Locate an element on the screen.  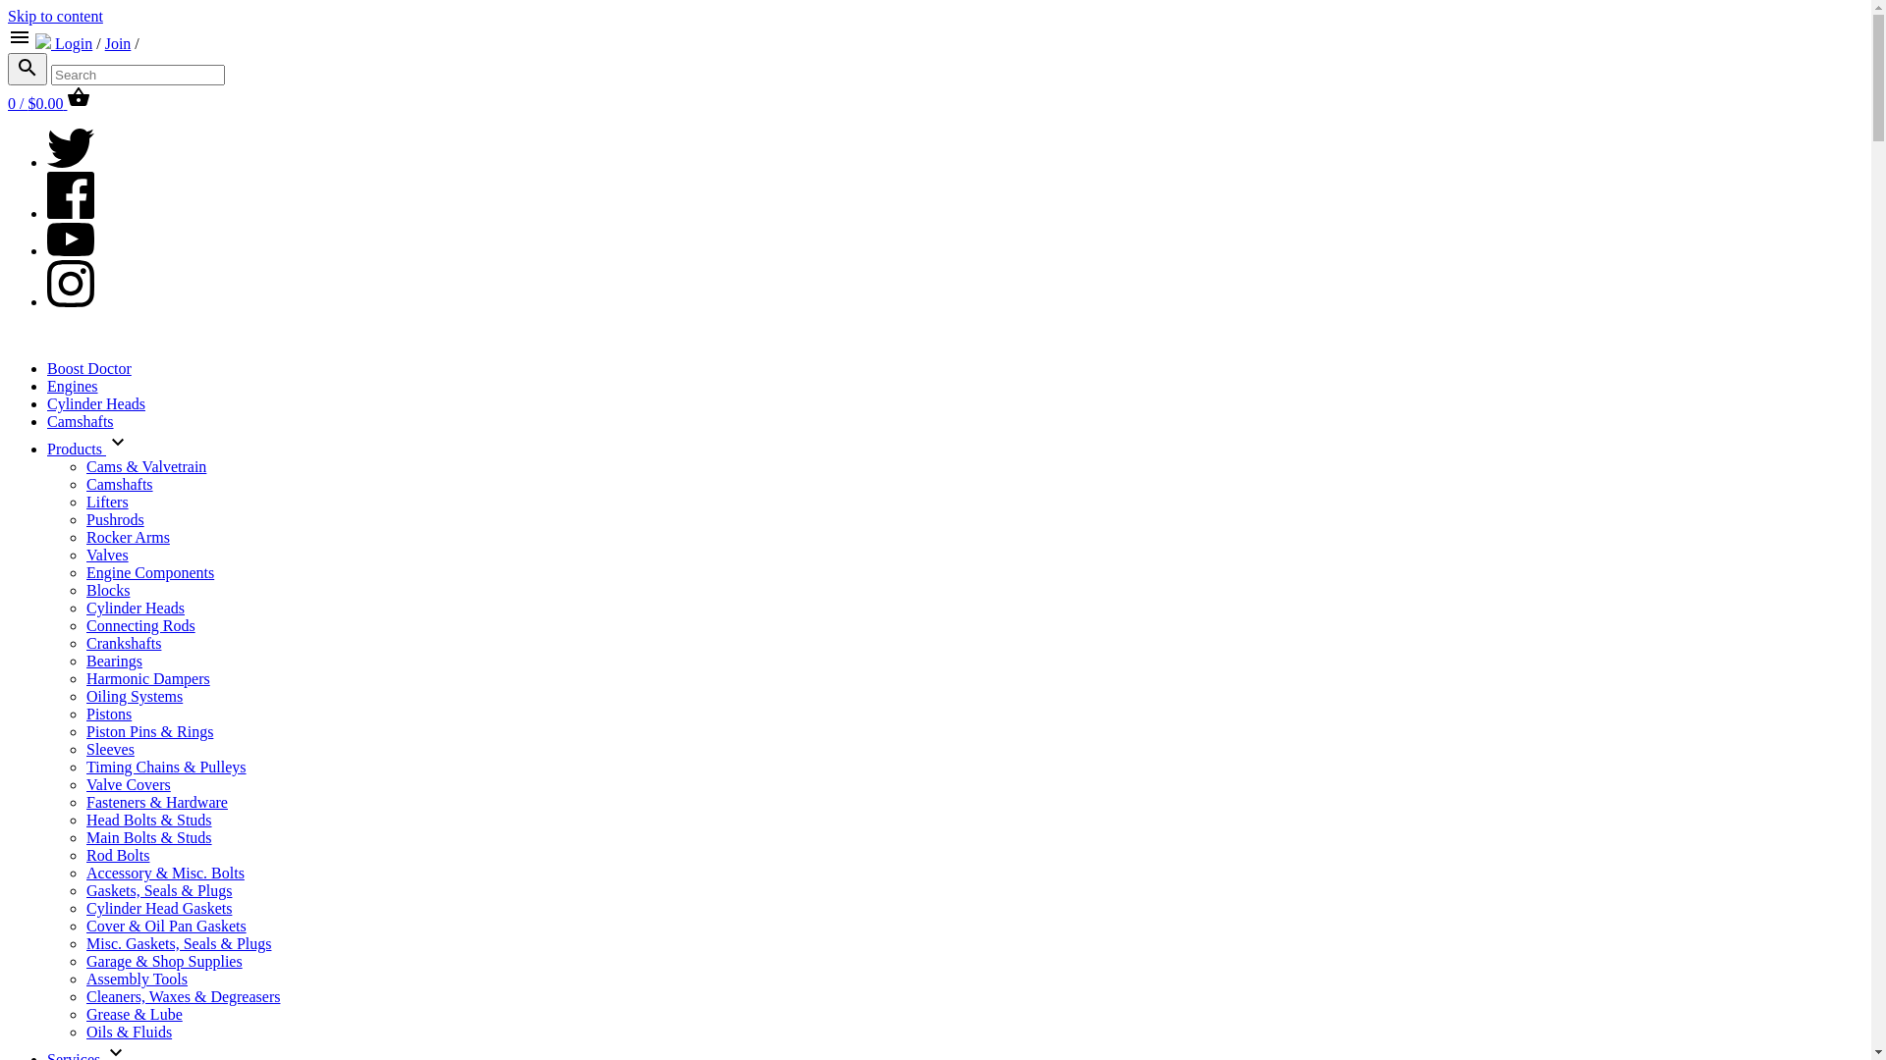
'Search' is located at coordinates (8, 68).